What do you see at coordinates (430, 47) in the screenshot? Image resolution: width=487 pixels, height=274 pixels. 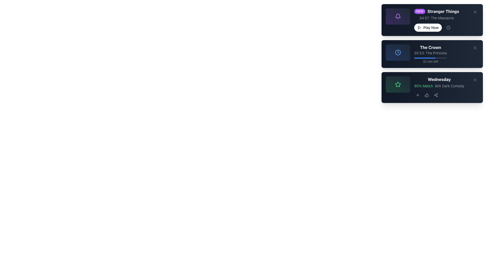 I see `series title from the text label that displays "The Crown" in bold white text on a dark background, positioned centrally at the top of the interface` at bounding box center [430, 47].